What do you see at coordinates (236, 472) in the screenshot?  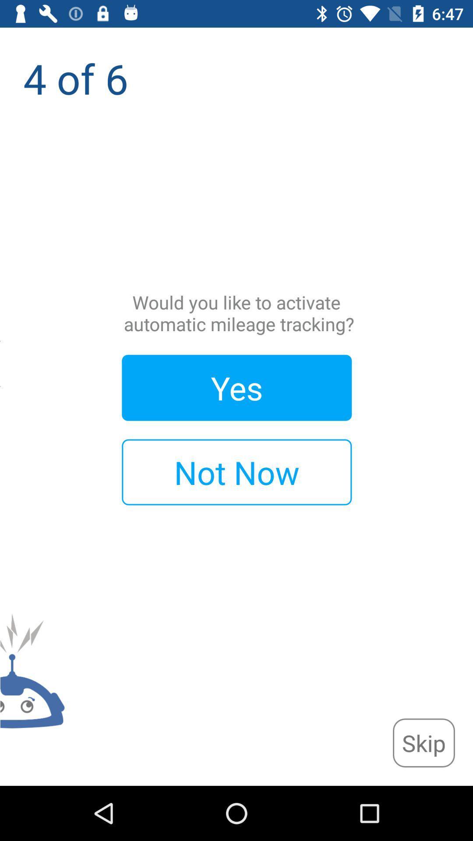 I see `not now icon` at bounding box center [236, 472].